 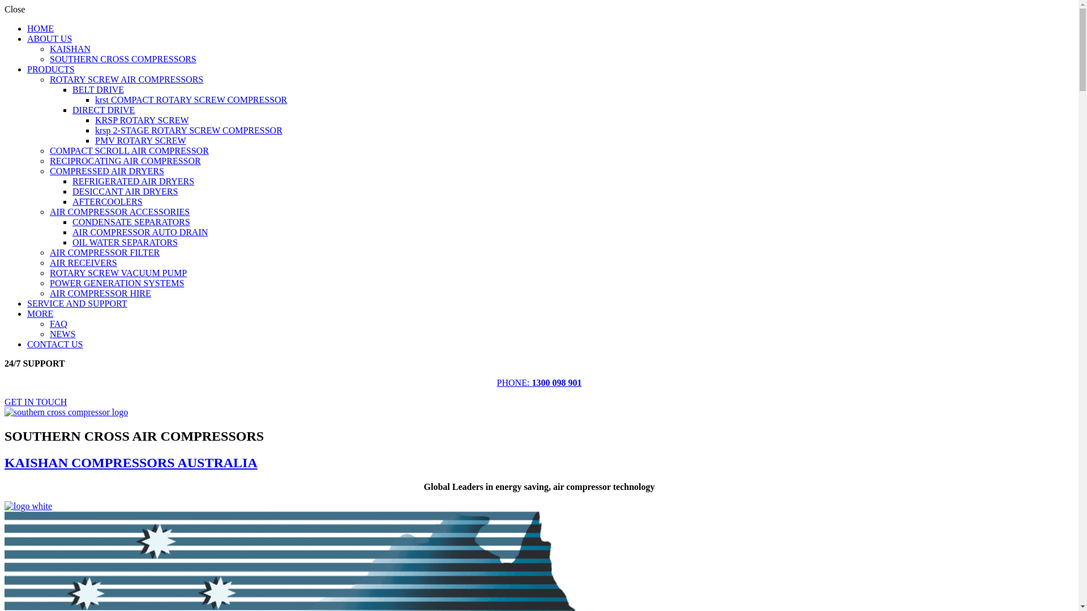 I want to click on 'PMV ROTARY SCREW', so click(x=140, y=140).